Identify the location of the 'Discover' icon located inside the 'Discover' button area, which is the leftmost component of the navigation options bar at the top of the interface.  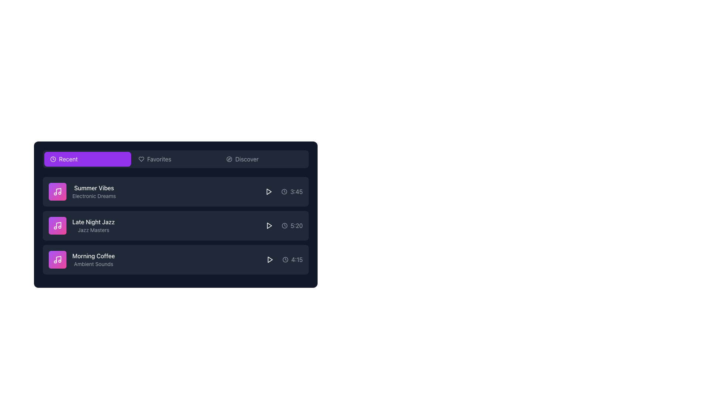
(229, 159).